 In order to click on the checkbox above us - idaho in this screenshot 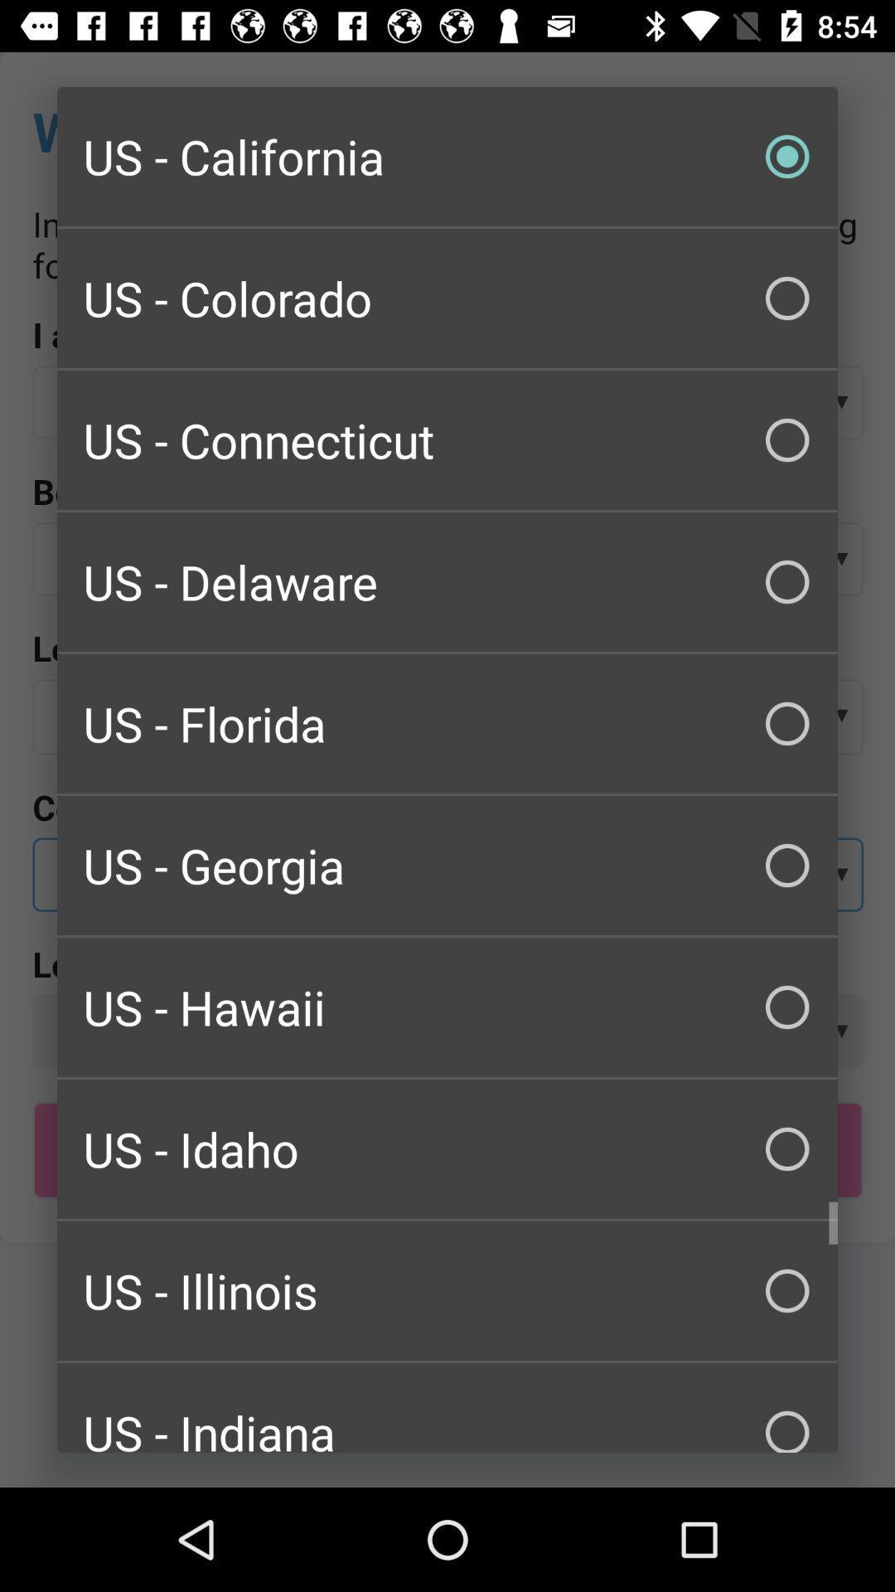, I will do `click(447, 1006)`.